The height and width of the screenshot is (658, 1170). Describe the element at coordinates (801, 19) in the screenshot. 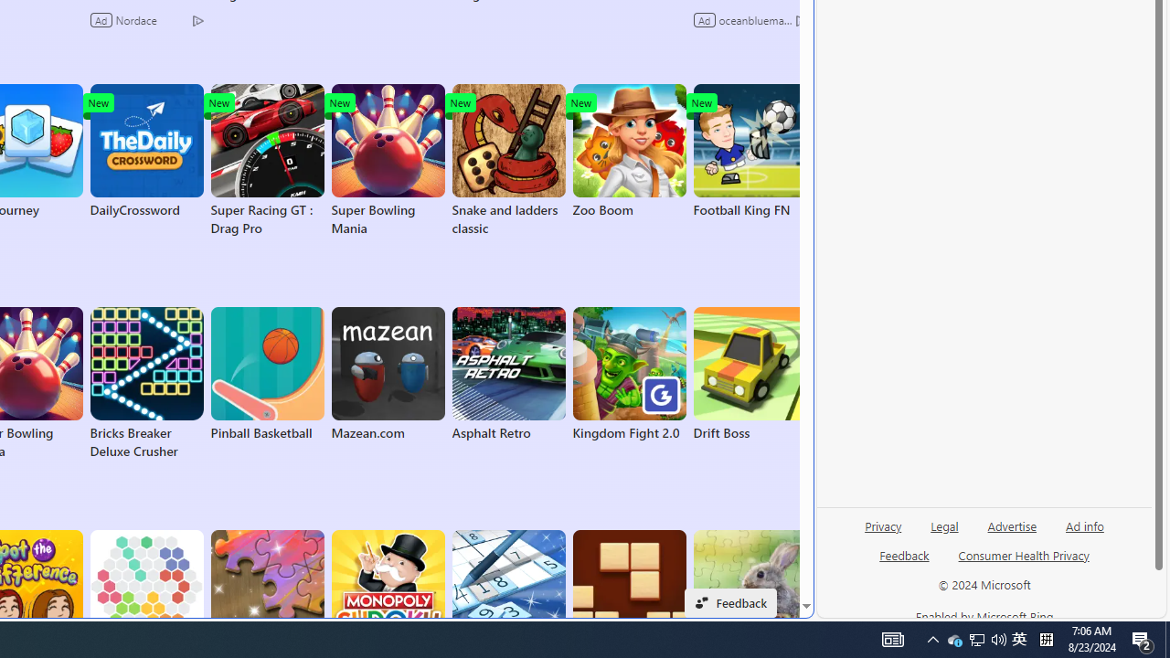

I see `'Class: ad-choice  ad-choice-mono '` at that location.